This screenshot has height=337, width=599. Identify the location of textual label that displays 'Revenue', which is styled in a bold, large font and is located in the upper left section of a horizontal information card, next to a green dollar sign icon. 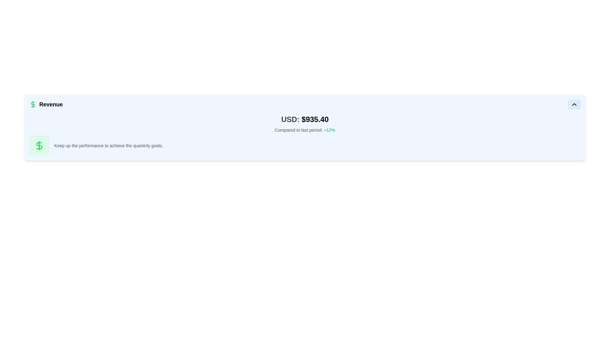
(46, 104).